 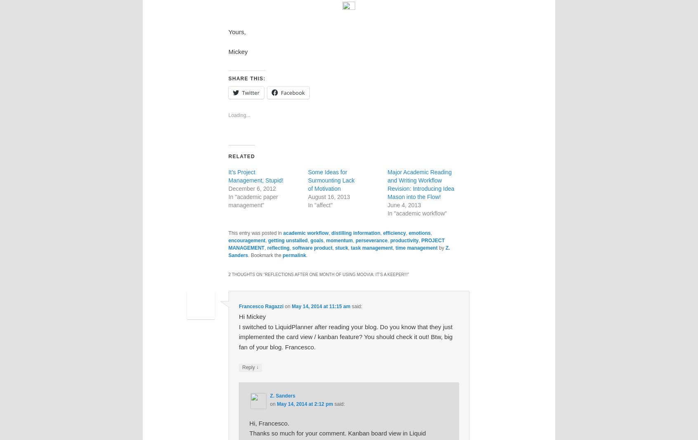 I want to click on 'Related', so click(x=228, y=156).